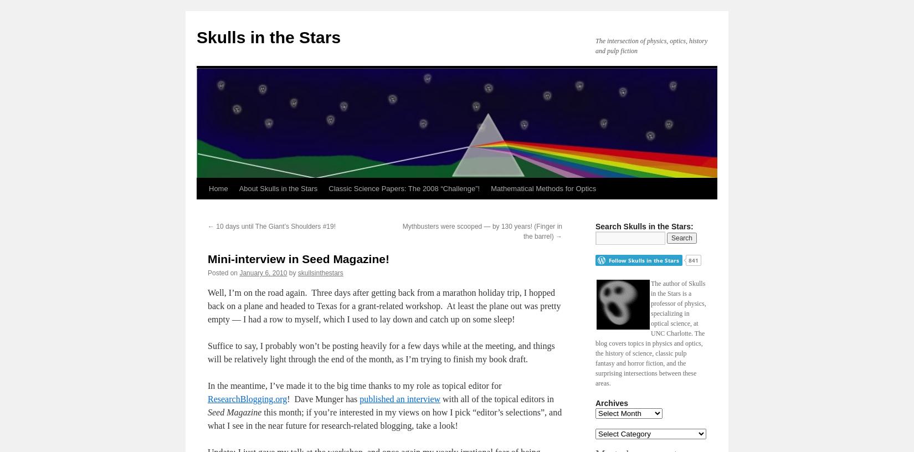 This screenshot has height=452, width=914. What do you see at coordinates (208, 352) in the screenshot?
I see `'Suffice to say, I probably won’t be posting heavily for a few days while at the meeting, and things will be relatively light through the end of the month, as I’m trying to finish my book draft.'` at bounding box center [208, 352].